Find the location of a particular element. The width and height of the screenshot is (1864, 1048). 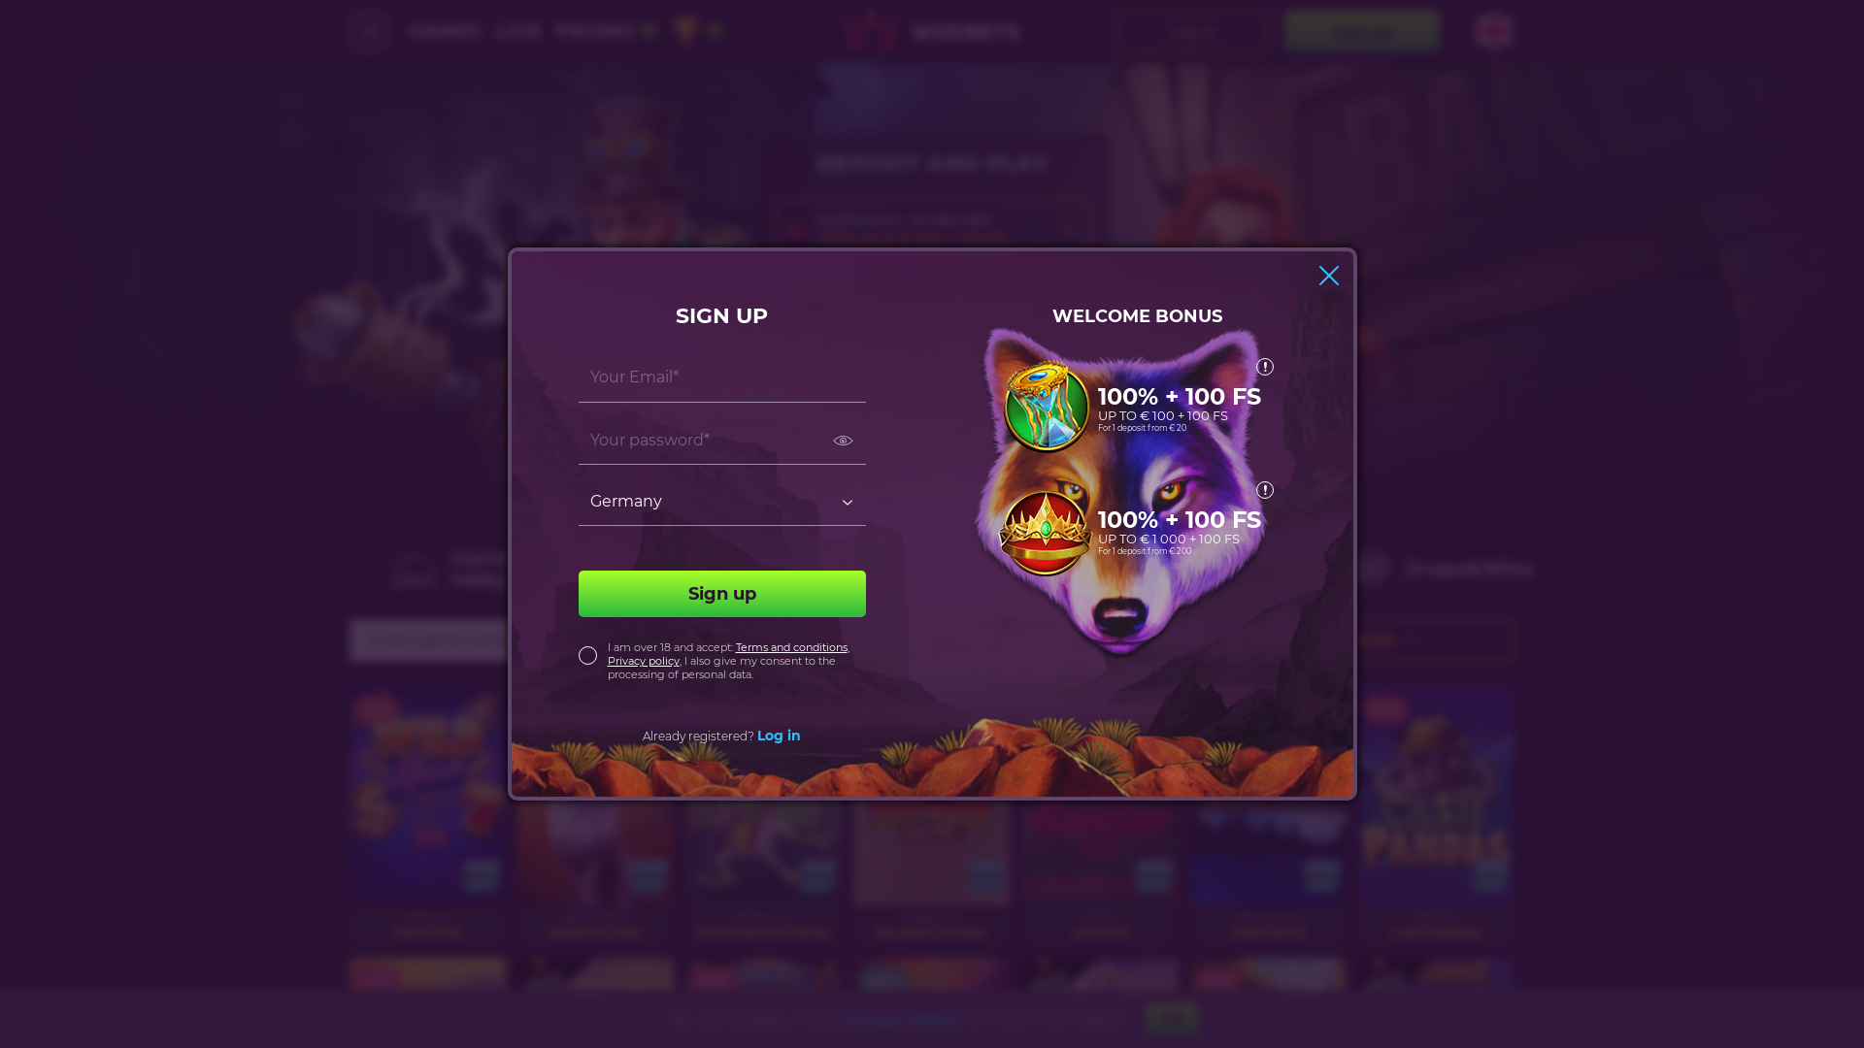

'PROMO is located at coordinates (605, 30).